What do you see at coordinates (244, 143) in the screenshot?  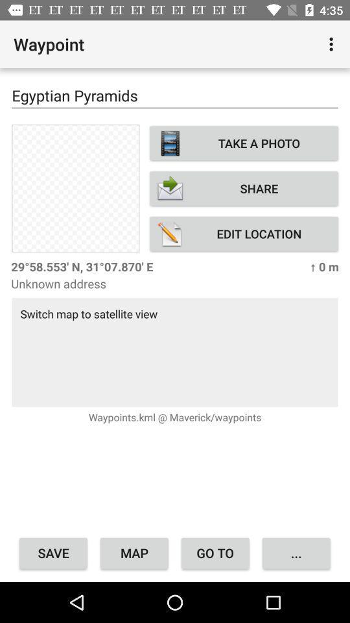 I see `icon above the share icon` at bounding box center [244, 143].